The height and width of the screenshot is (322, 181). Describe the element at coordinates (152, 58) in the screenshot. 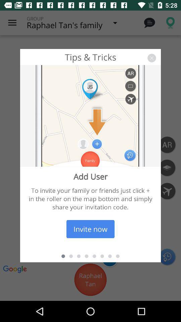

I see `the icon above add user icon` at that location.